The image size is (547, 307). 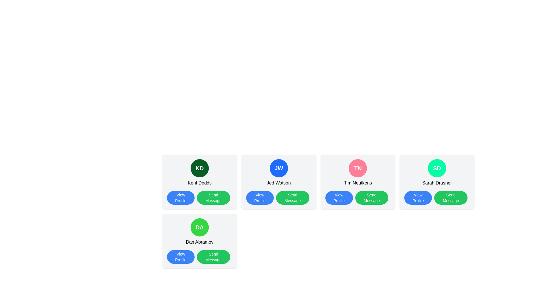 I want to click on the 'View Profile' button, which is a rounded rectangular button with a blue background and white text, so click(x=180, y=197).